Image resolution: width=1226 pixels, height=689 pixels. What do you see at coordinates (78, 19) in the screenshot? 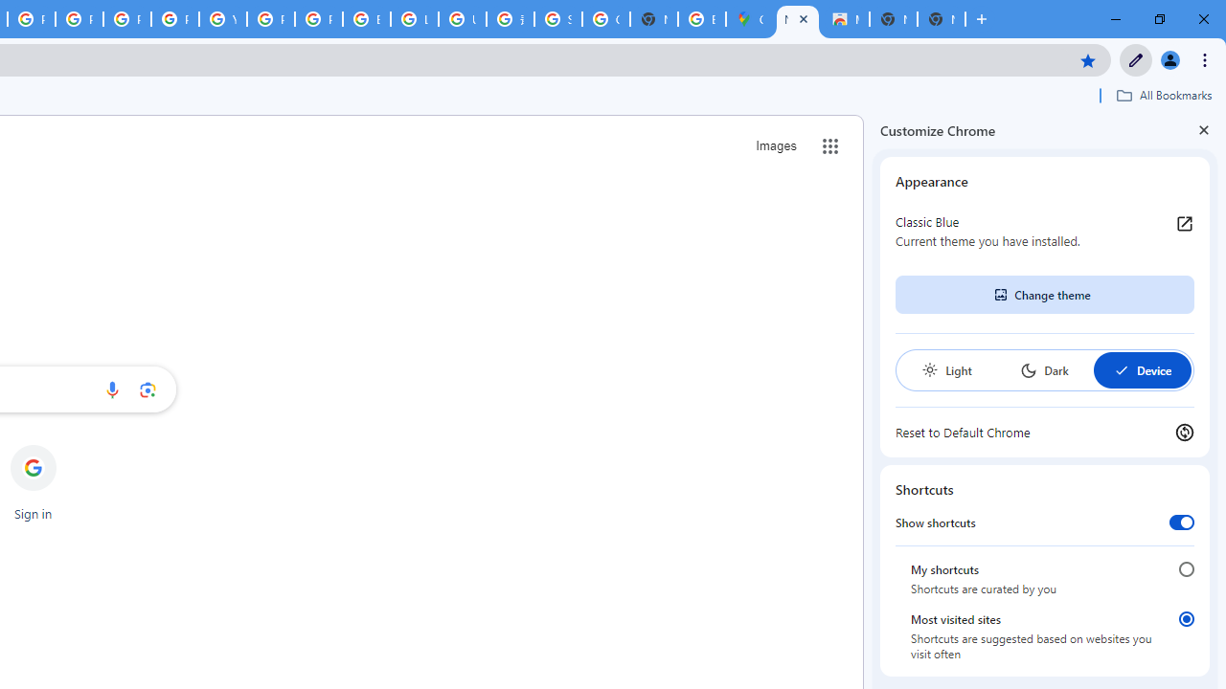
I see `'Privacy Help Center - Policies Help'` at bounding box center [78, 19].